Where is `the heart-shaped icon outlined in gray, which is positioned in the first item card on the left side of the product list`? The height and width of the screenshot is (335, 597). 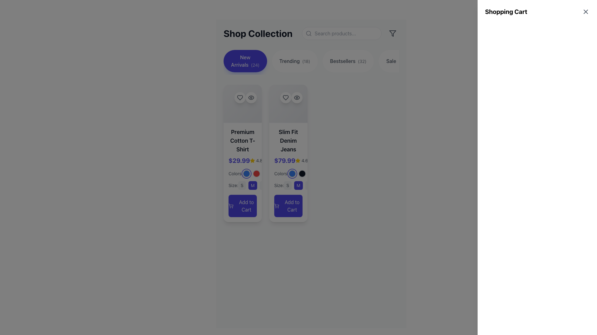
the heart-shaped icon outlined in gray, which is positioned in the first item card on the left side of the product list is located at coordinates (240, 98).